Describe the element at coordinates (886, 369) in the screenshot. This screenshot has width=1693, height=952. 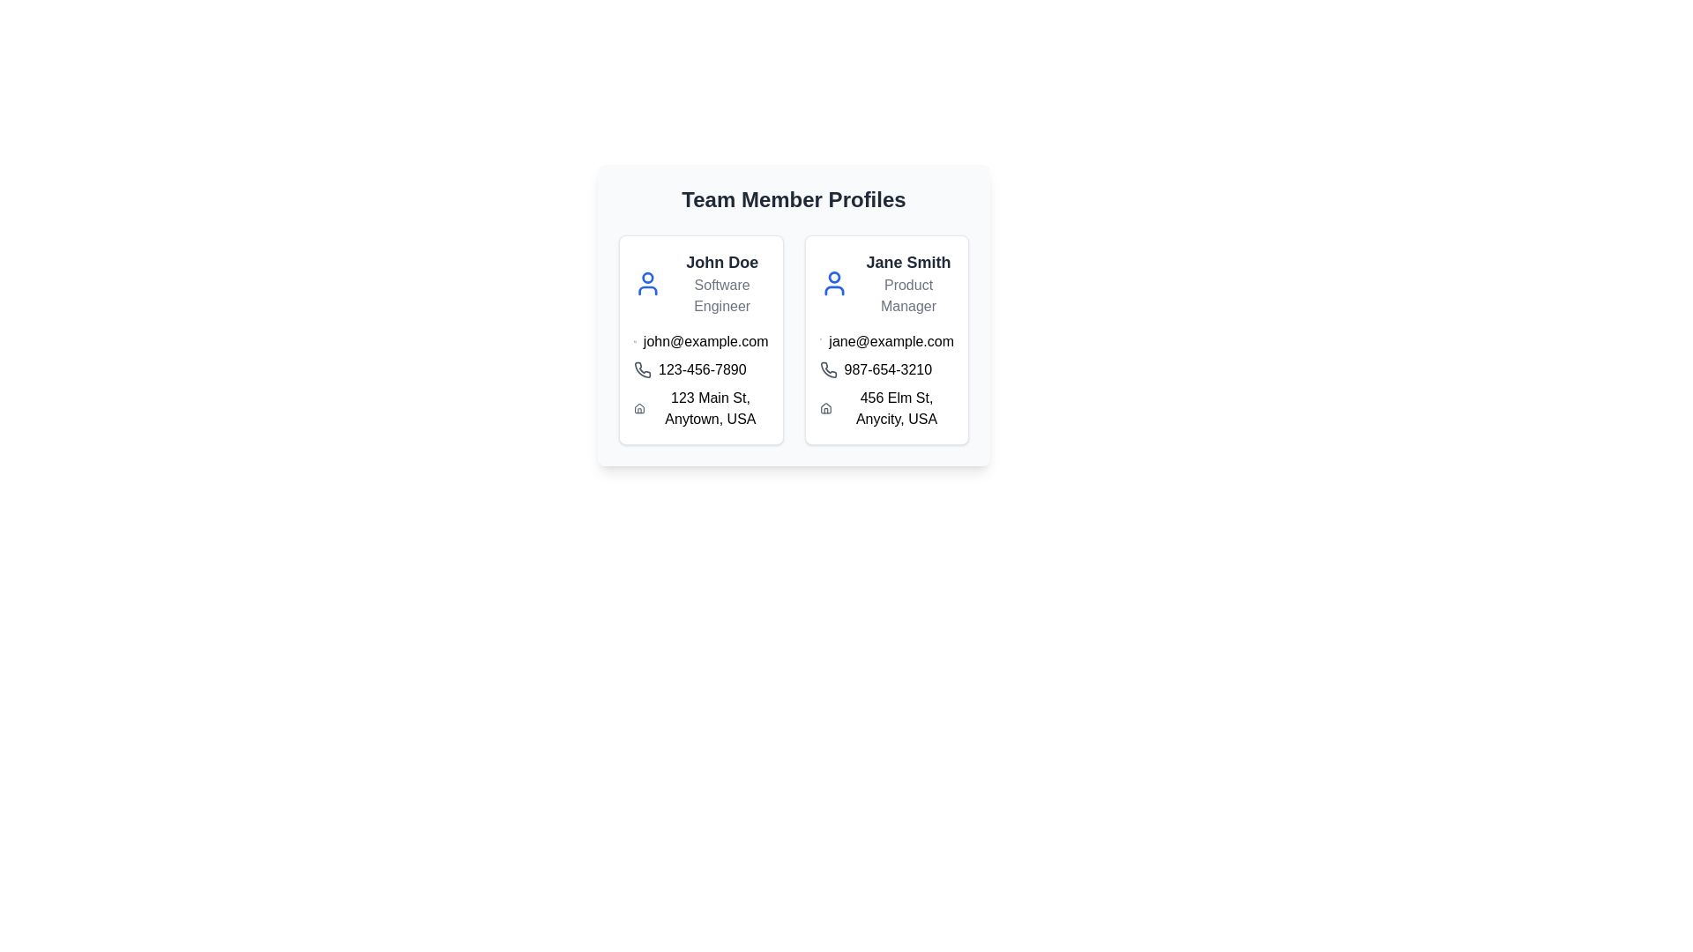
I see `the static text displaying the phone number for 'Jane Smith', located in the profile card below the email address and above the address` at that location.